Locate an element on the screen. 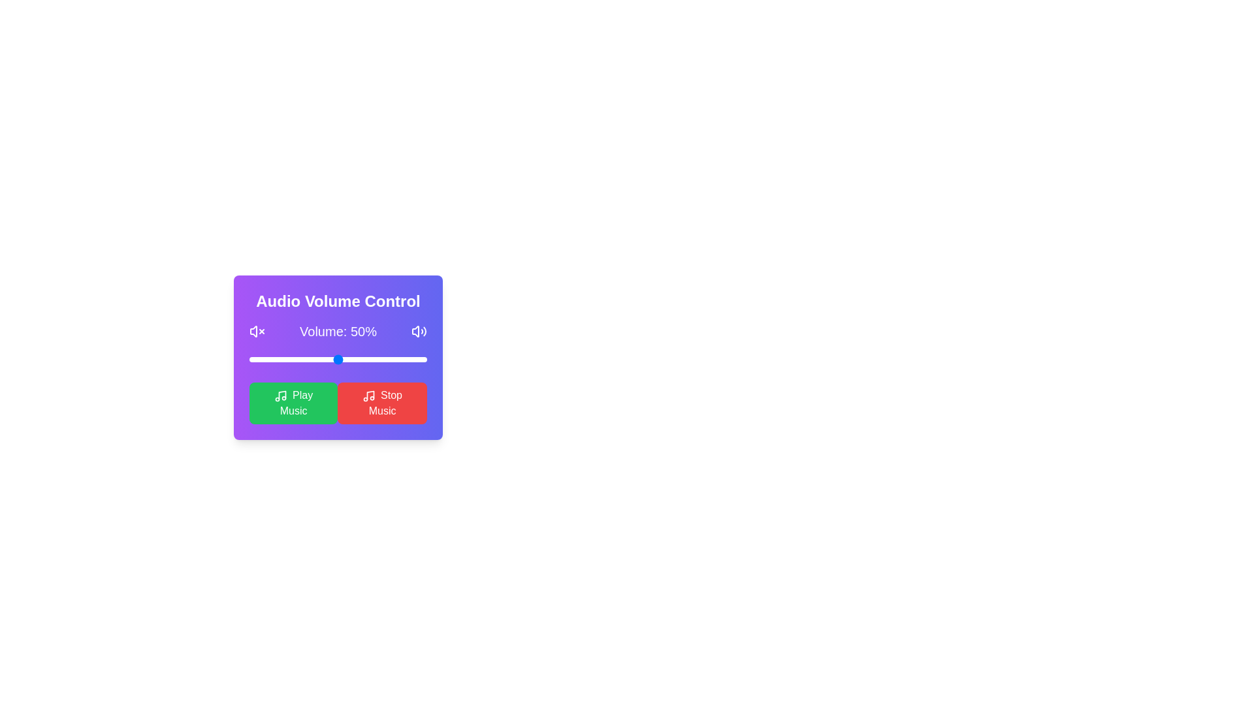  the stop music button located in the bottom-right corner of the control panel is located at coordinates (381, 402).